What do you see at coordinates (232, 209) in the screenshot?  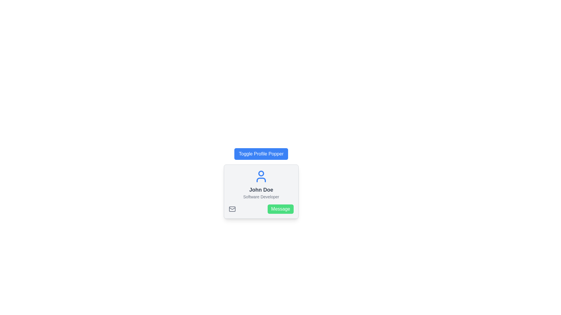 I see `the decorative graphical element that forms the body of the envelope icon located in the bottom-left area of the user card` at bounding box center [232, 209].